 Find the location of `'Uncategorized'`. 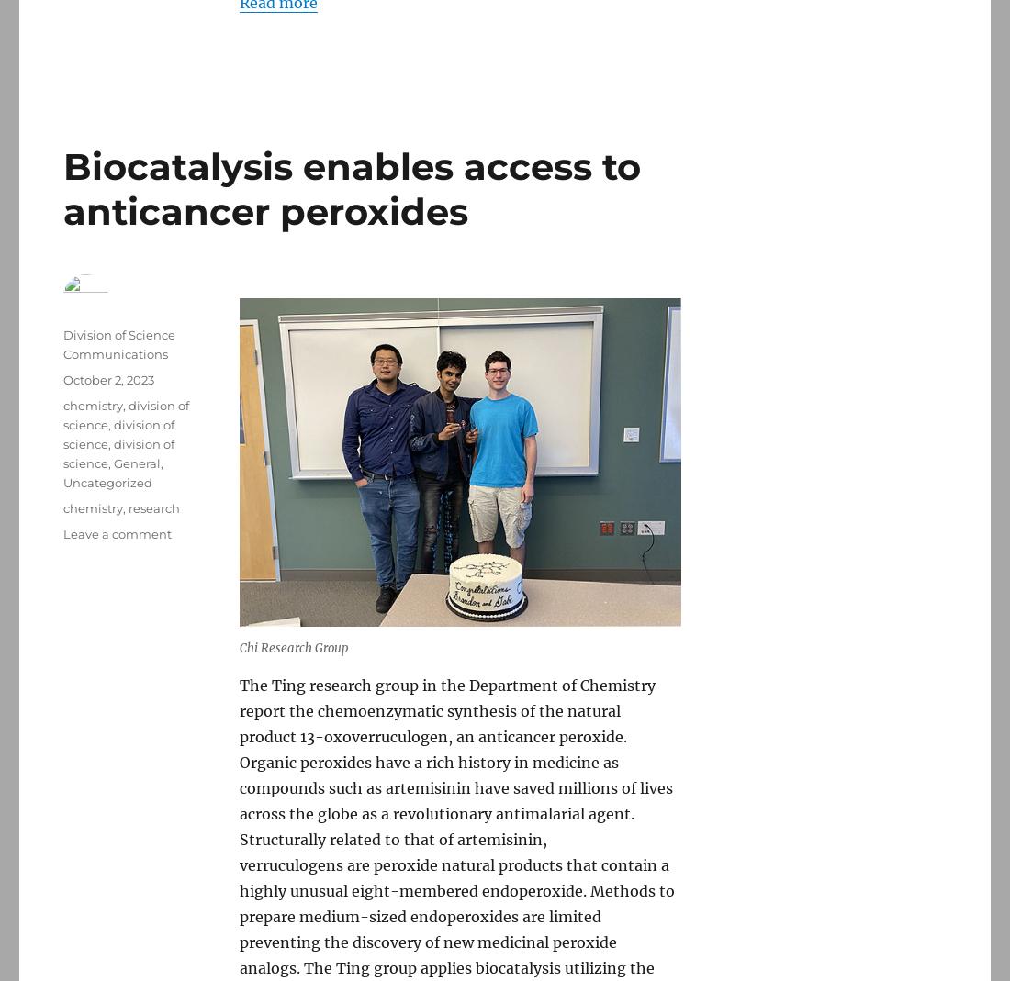

'Uncategorized' is located at coordinates (107, 480).